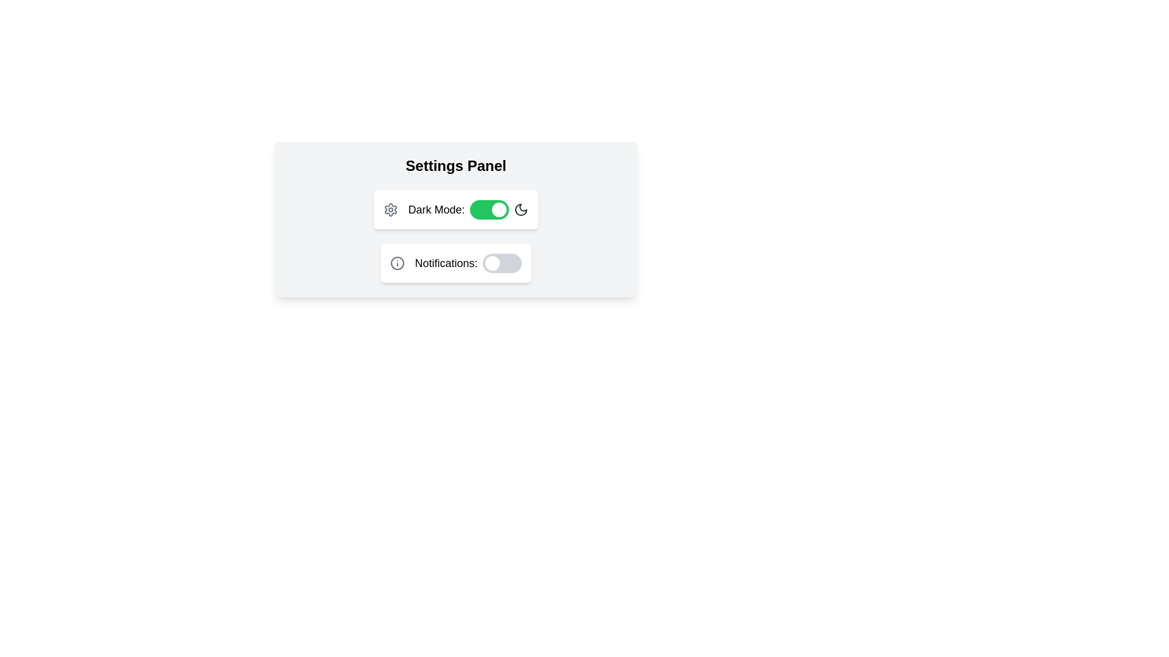 The image size is (1169, 657). I want to click on the text label or heading that serves as a title at the top of the card layout, so click(455, 166).